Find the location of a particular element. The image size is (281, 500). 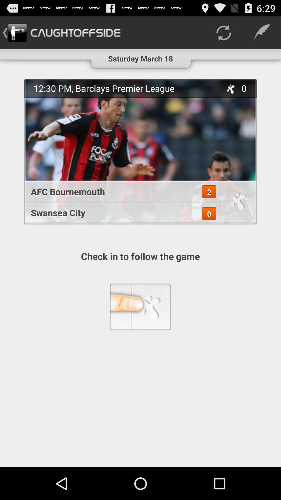

the app above swansea city icon is located at coordinates (119, 191).